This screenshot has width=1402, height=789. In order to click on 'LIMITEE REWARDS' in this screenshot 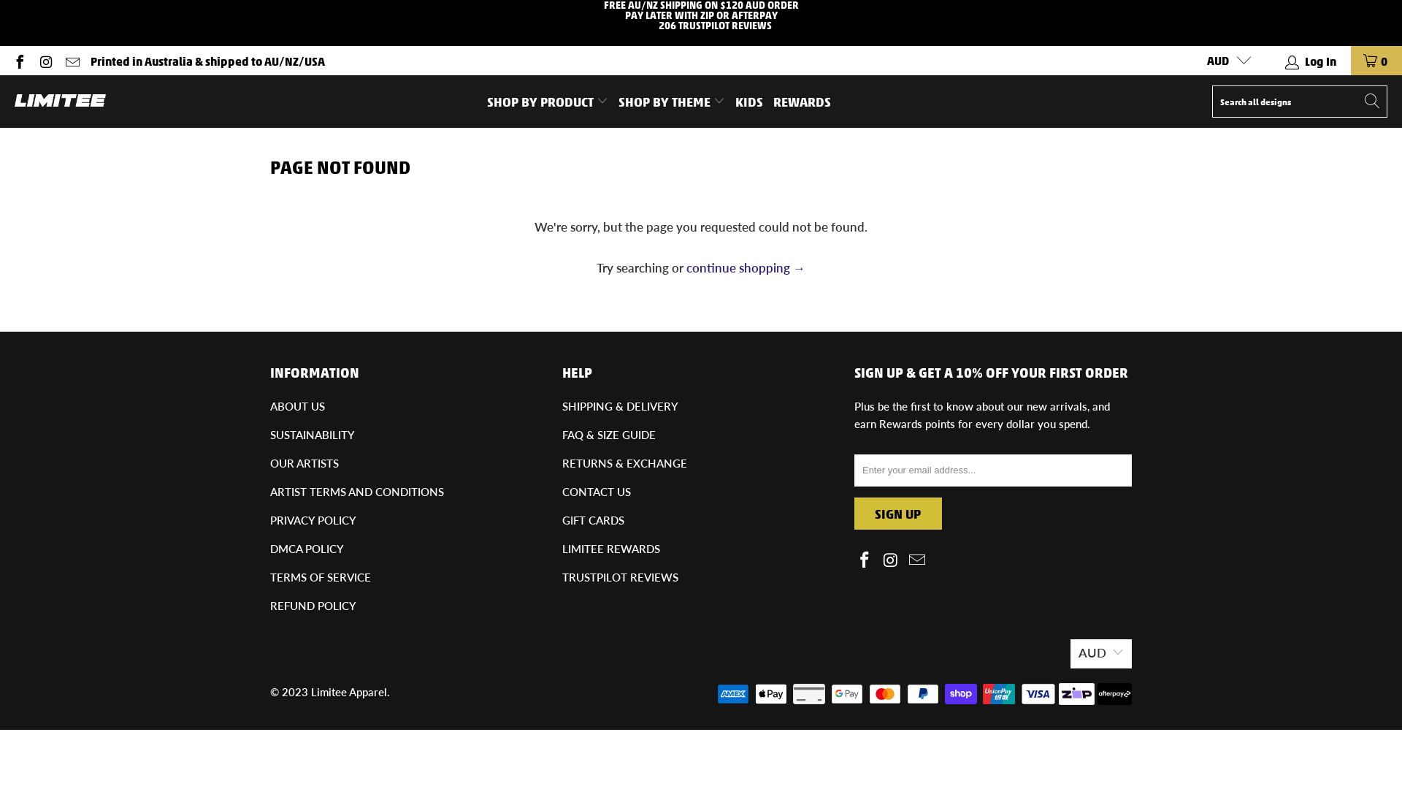, I will do `click(561, 549)`.